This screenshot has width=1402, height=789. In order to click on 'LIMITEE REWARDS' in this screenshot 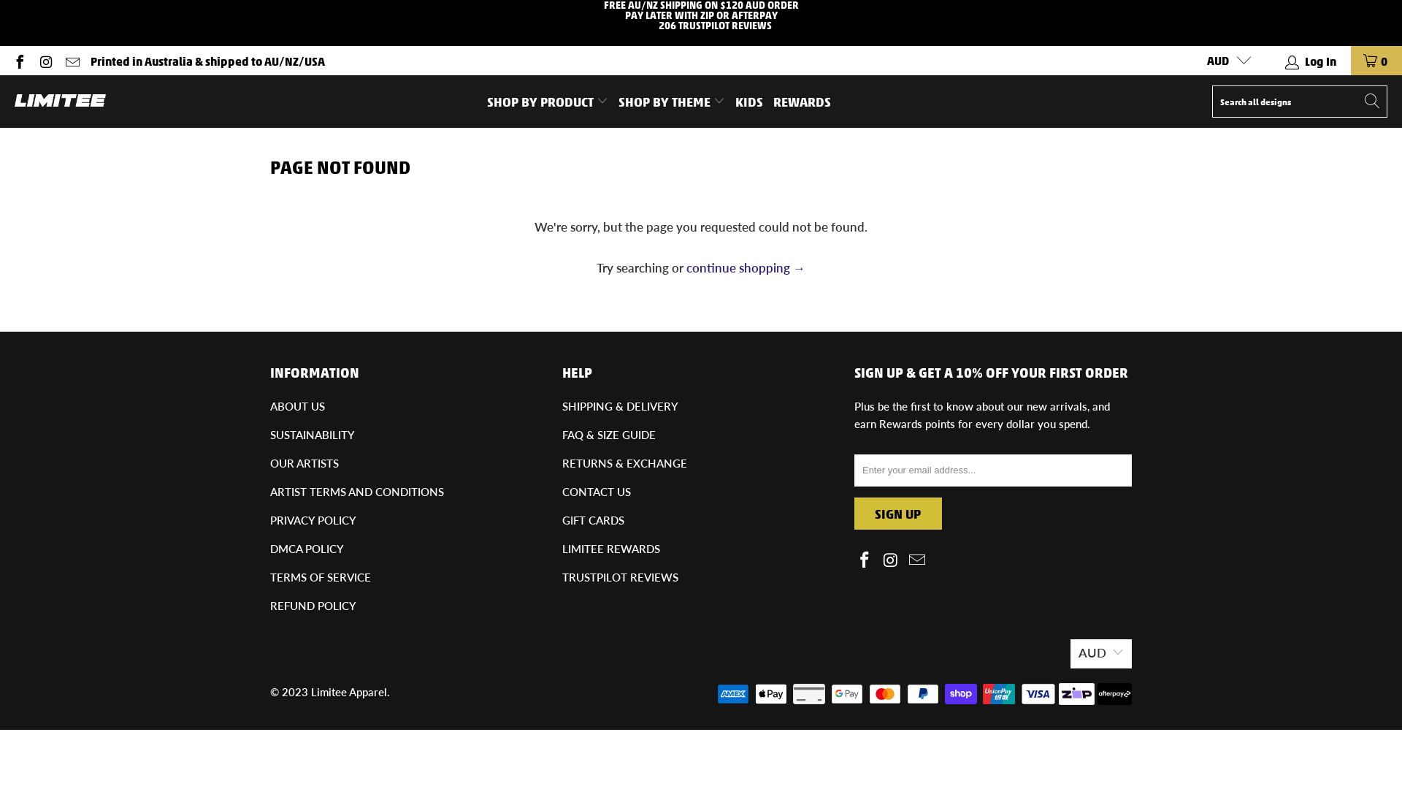, I will do `click(561, 549)`.